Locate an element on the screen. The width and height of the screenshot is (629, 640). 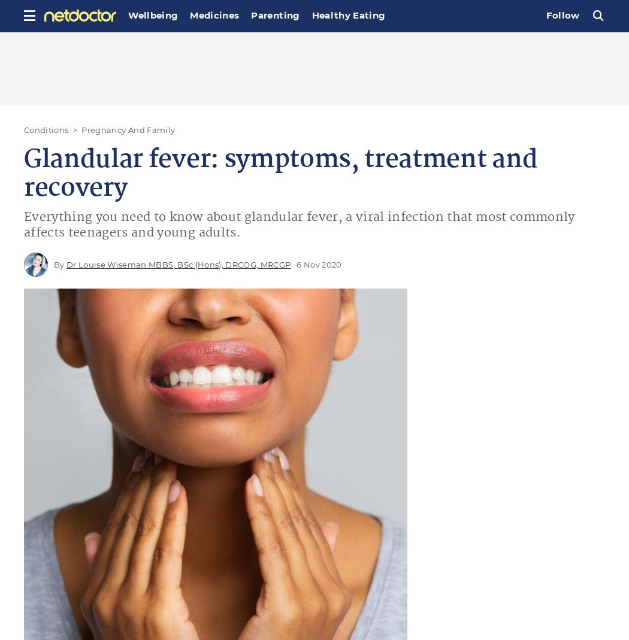
'Healthy Eating' is located at coordinates (347, 14).